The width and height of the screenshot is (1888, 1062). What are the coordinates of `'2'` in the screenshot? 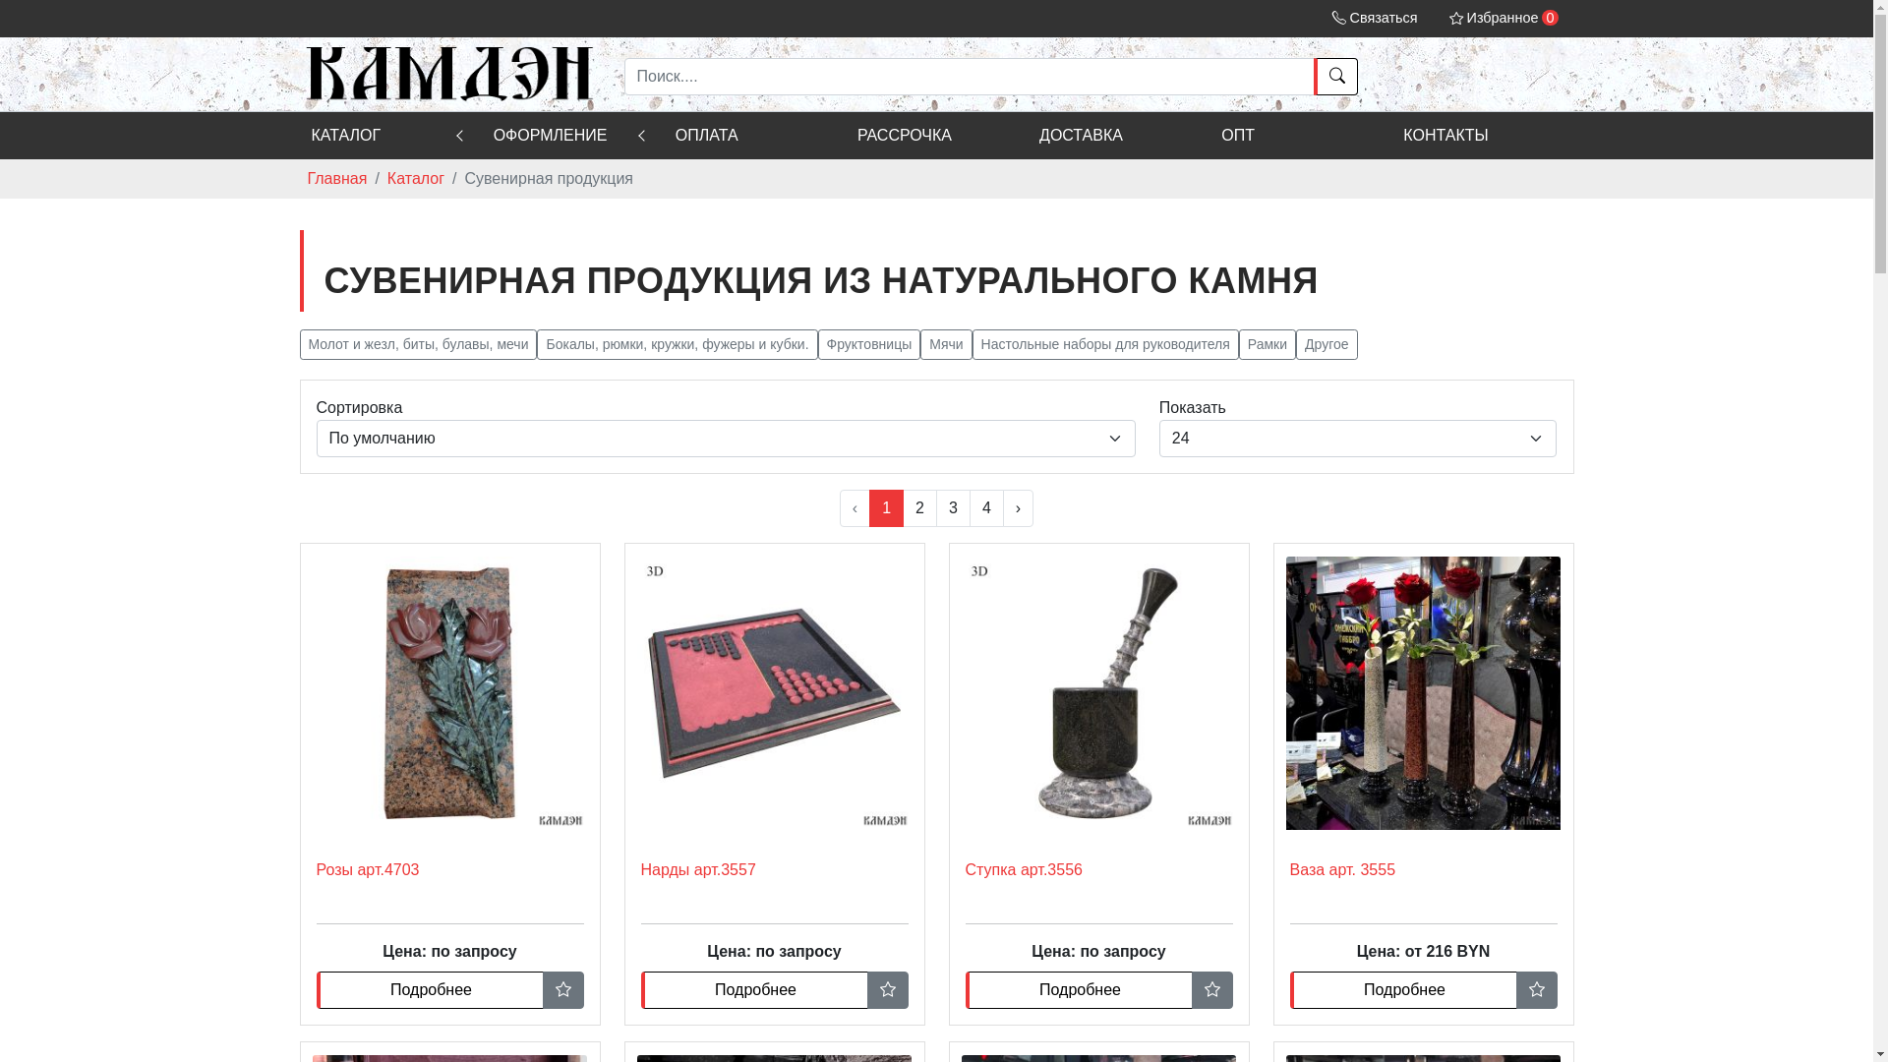 It's located at (901, 506).